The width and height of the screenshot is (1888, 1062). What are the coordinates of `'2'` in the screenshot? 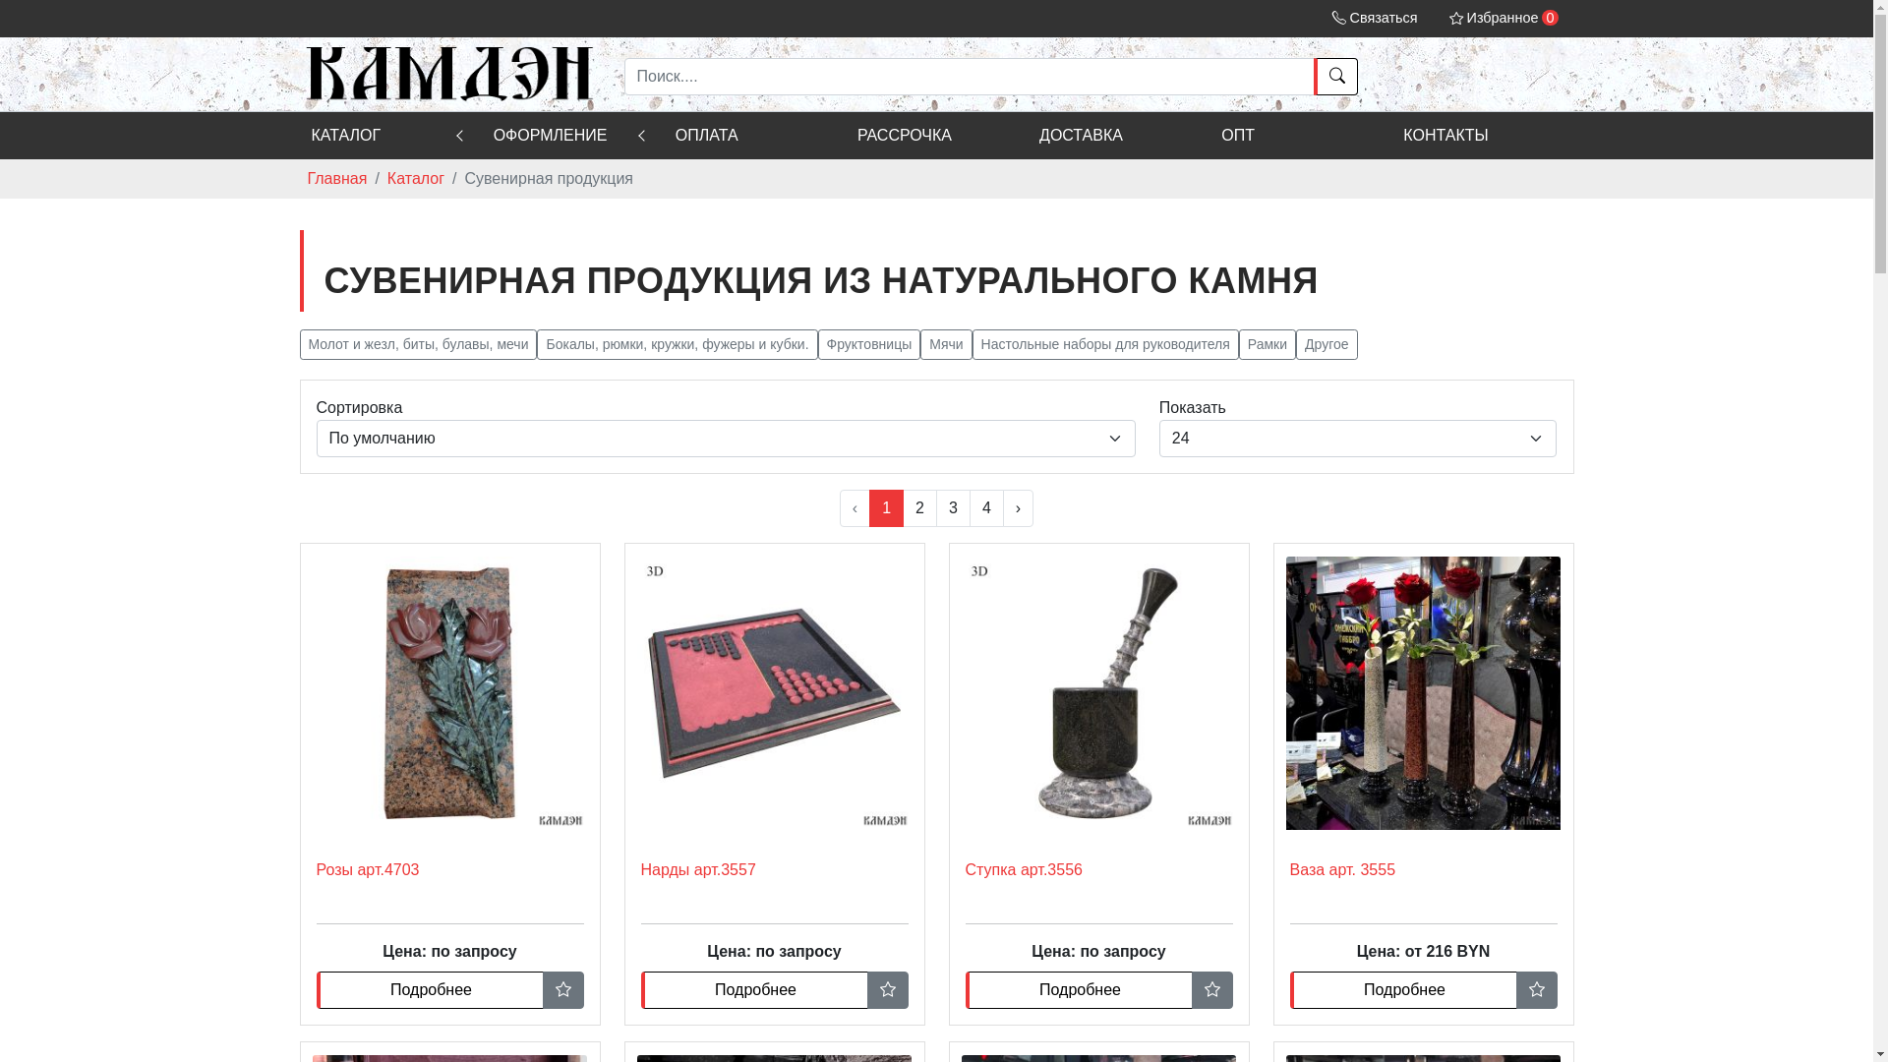 It's located at (901, 506).